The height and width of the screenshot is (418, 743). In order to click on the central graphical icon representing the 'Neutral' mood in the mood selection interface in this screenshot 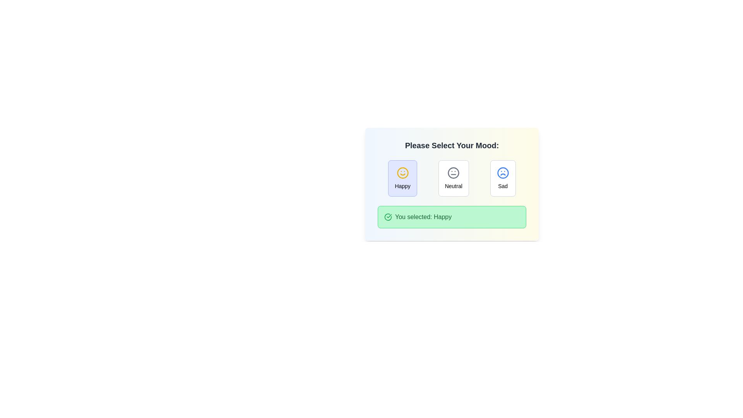, I will do `click(454, 173)`.